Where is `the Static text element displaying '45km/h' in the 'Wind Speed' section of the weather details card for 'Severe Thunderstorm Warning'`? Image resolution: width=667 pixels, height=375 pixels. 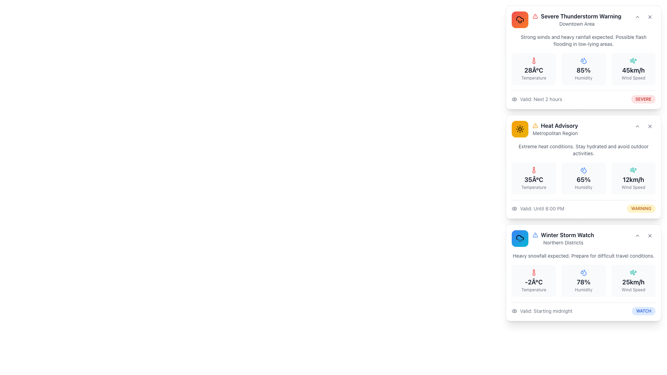 the Static text element displaying '45km/h' in the 'Wind Speed' section of the weather details card for 'Severe Thunderstorm Warning' is located at coordinates (633, 70).